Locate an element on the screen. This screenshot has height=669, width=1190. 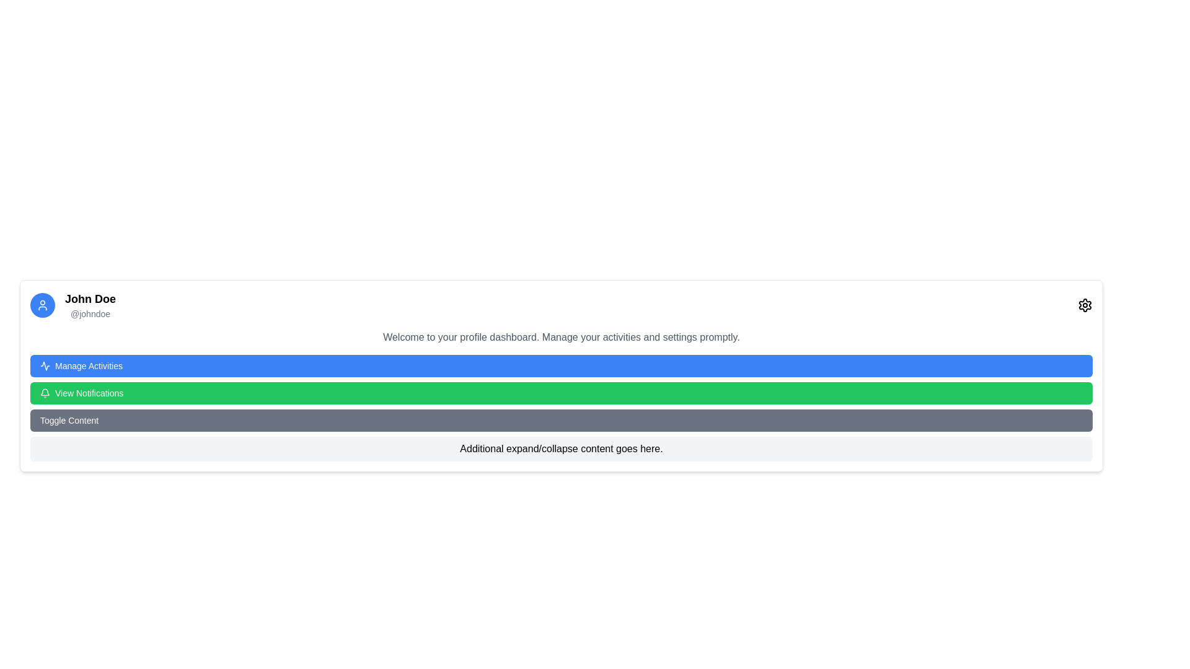
the Text Display element that shows the user's name and handle, located is located at coordinates (73, 305).